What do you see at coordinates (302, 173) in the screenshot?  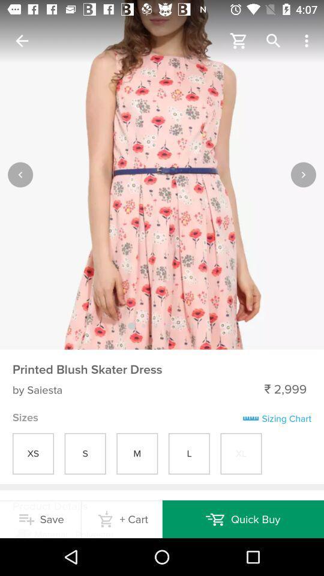 I see `right arrow in the image` at bounding box center [302, 173].